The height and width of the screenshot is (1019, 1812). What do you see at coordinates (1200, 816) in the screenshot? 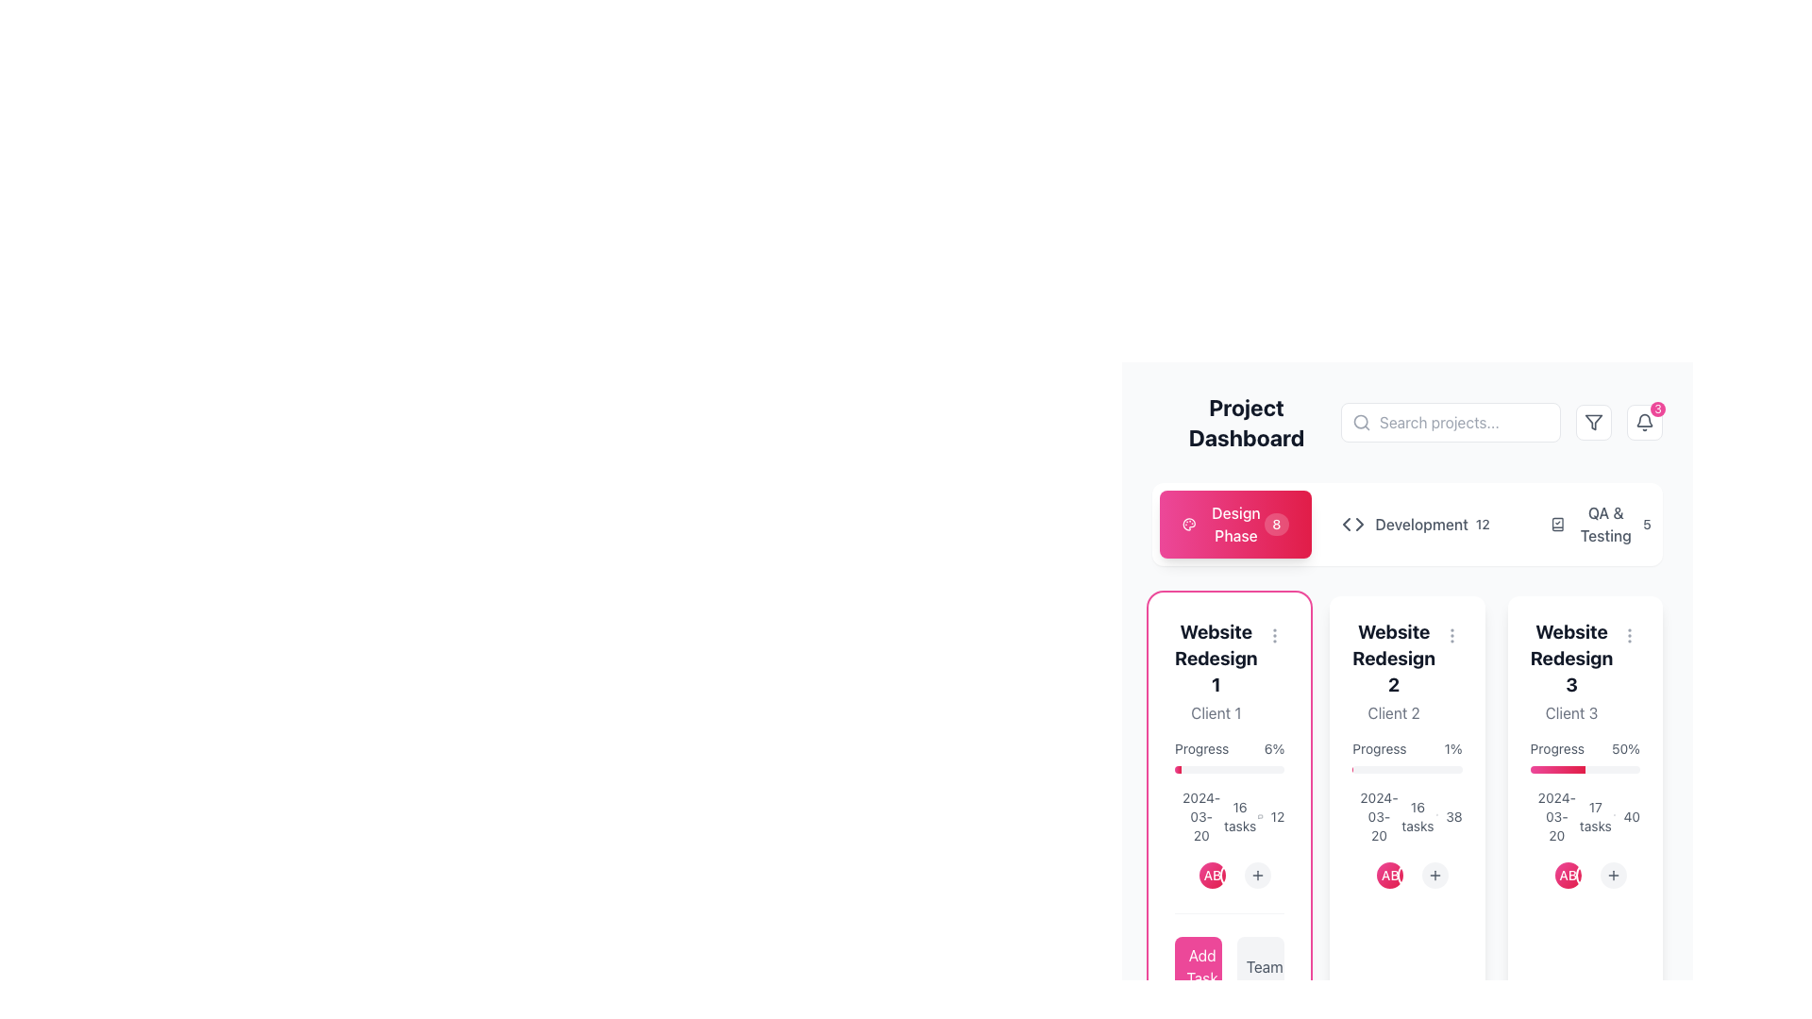
I see `the date '2024-03-20' displayed on the informational Text label` at bounding box center [1200, 816].